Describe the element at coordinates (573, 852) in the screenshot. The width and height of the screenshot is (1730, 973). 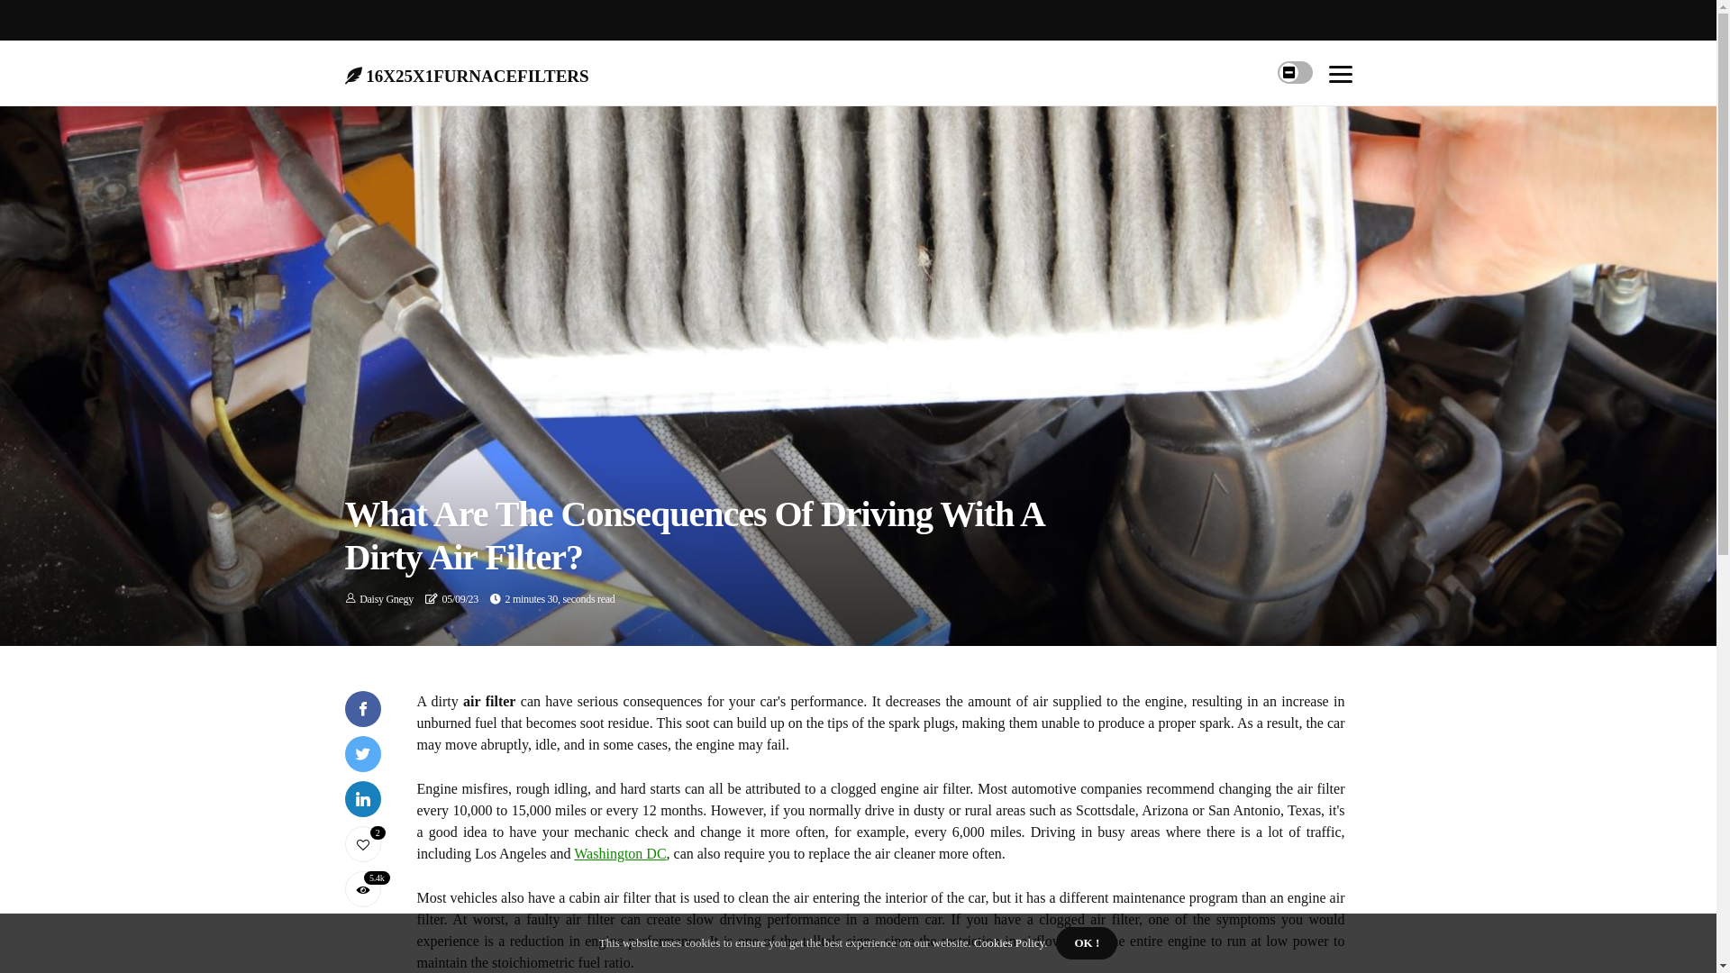
I see `'Washington DC'` at that location.